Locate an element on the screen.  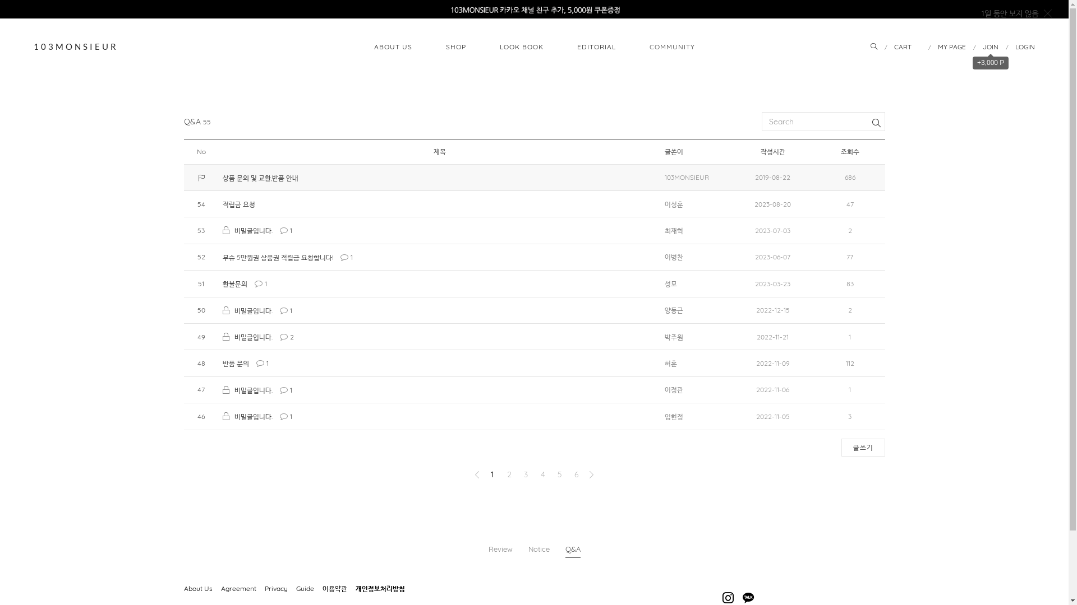
'Q&A' is located at coordinates (573, 550).